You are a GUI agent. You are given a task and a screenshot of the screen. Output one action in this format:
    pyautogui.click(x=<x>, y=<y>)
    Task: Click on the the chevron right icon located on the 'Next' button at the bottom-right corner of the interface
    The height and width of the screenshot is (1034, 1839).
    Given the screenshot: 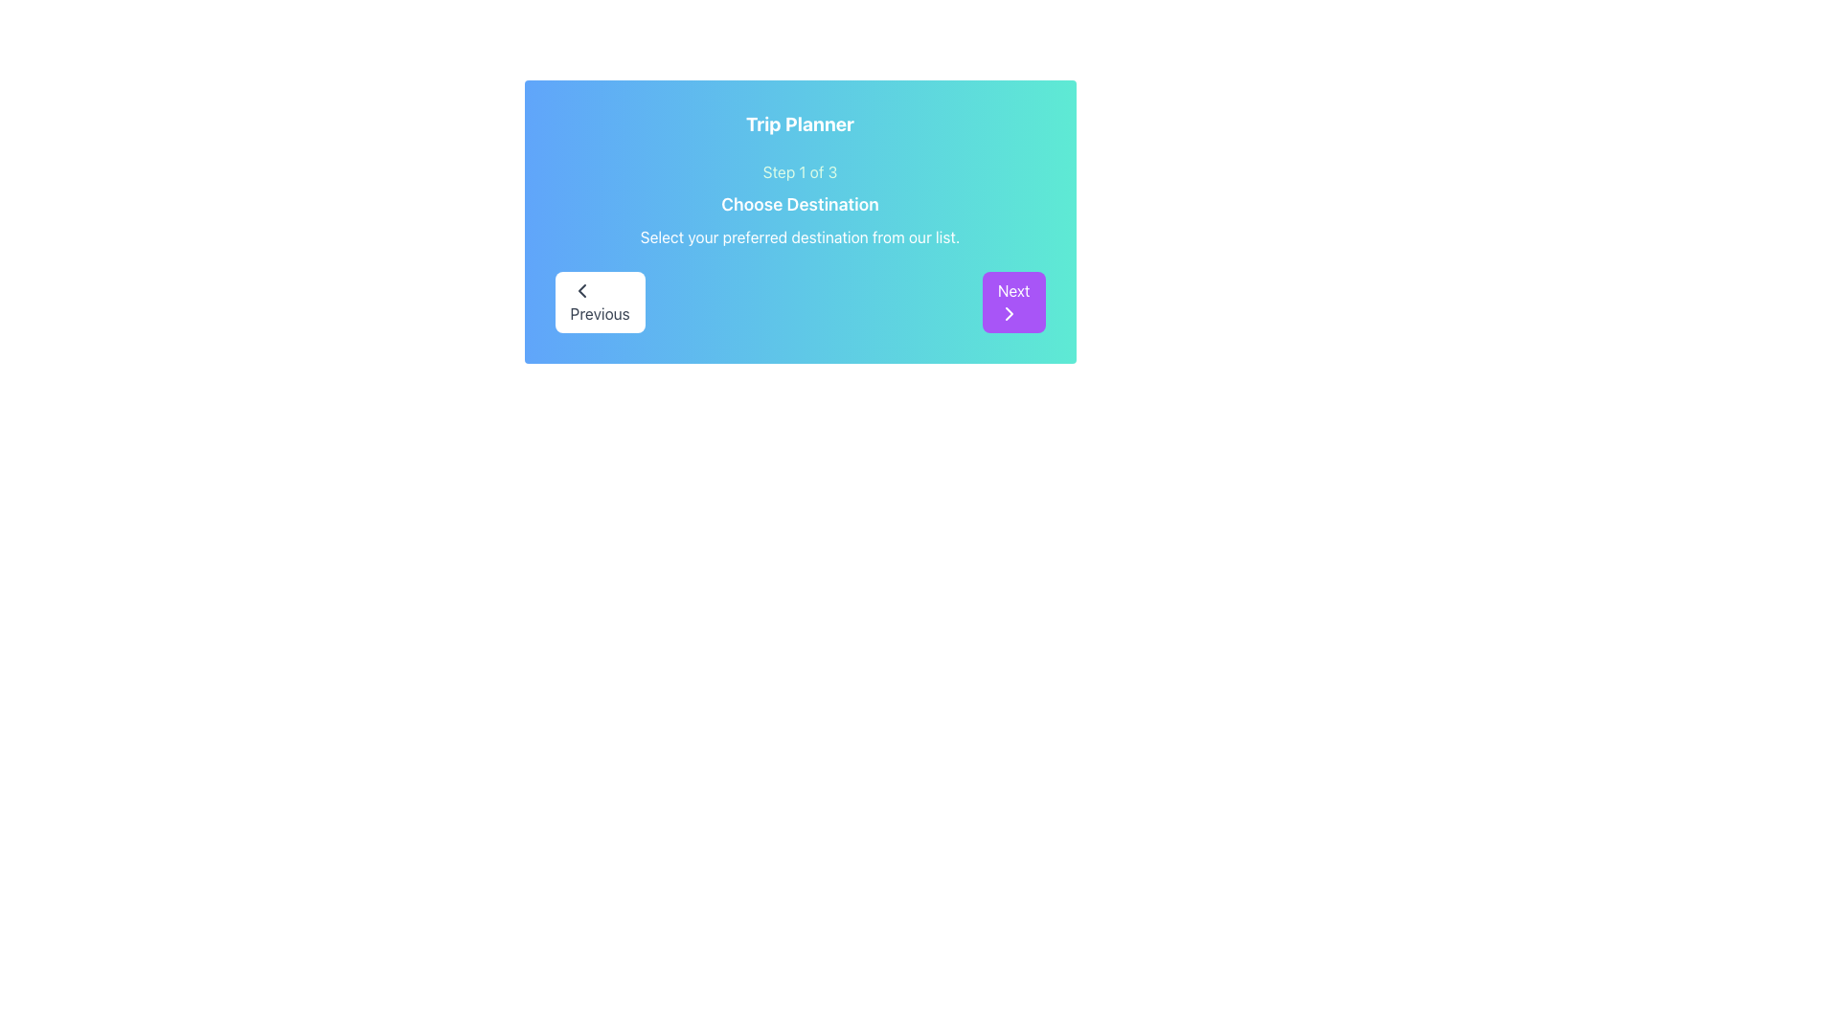 What is the action you would take?
    pyautogui.click(x=1008, y=312)
    